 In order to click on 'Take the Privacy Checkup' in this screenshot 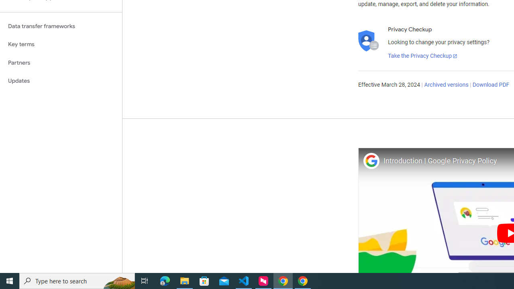, I will do `click(422, 56)`.